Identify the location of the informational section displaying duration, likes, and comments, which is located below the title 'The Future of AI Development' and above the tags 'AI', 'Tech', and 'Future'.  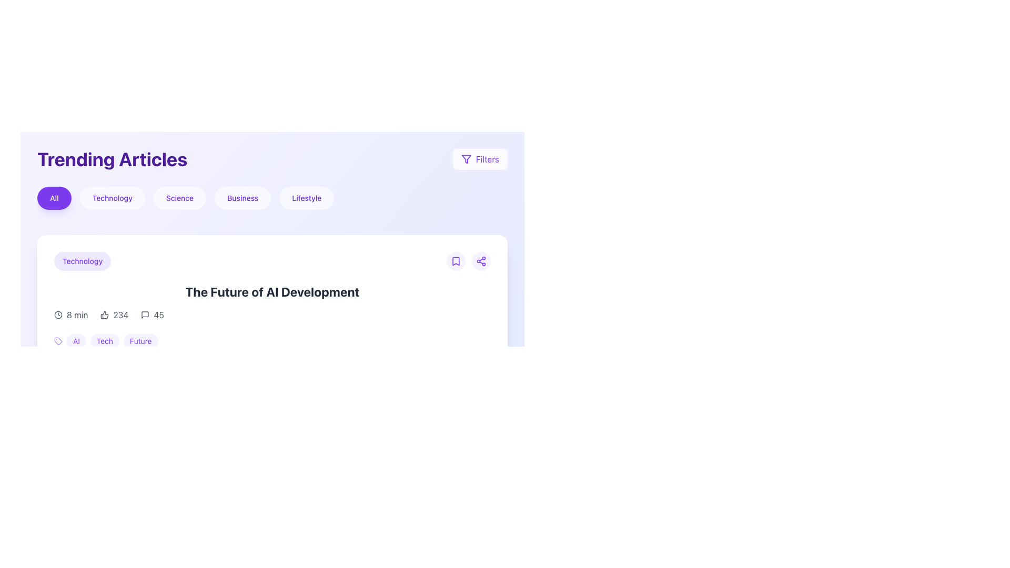
(272, 314).